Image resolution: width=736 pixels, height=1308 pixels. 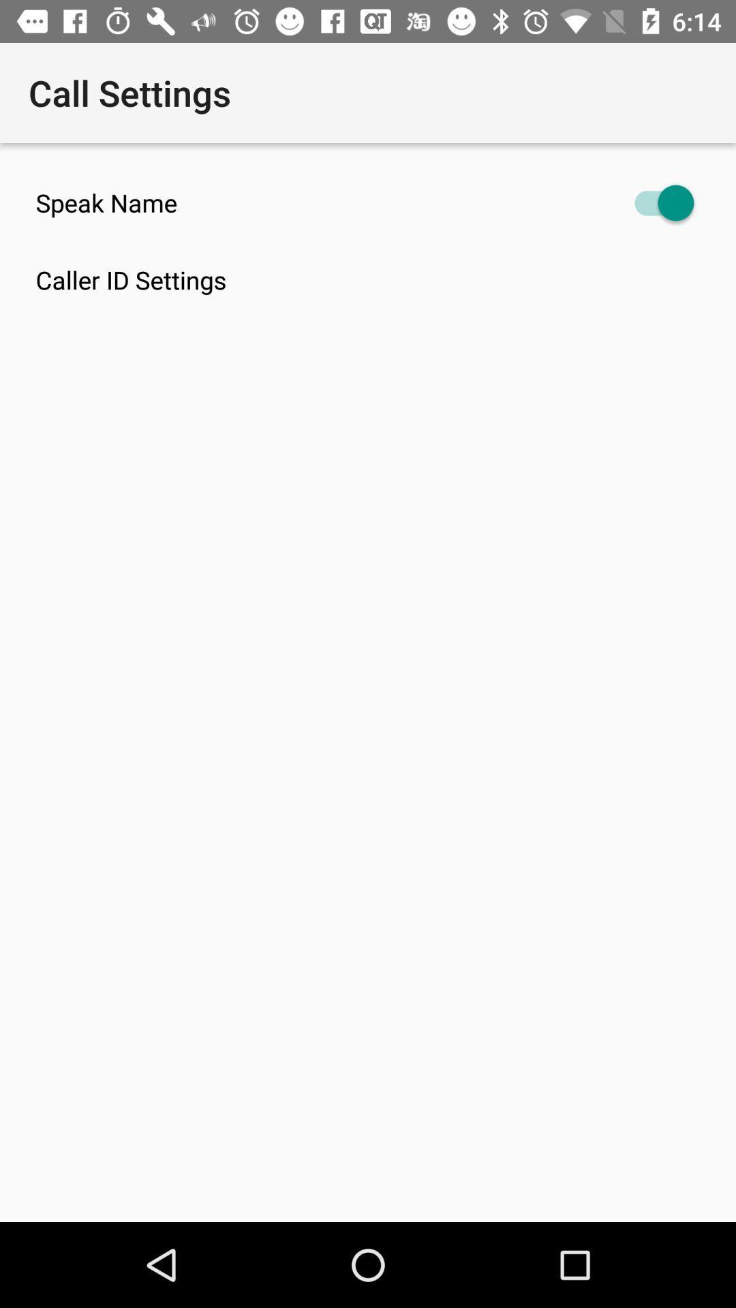 I want to click on speak name icon, so click(x=368, y=202).